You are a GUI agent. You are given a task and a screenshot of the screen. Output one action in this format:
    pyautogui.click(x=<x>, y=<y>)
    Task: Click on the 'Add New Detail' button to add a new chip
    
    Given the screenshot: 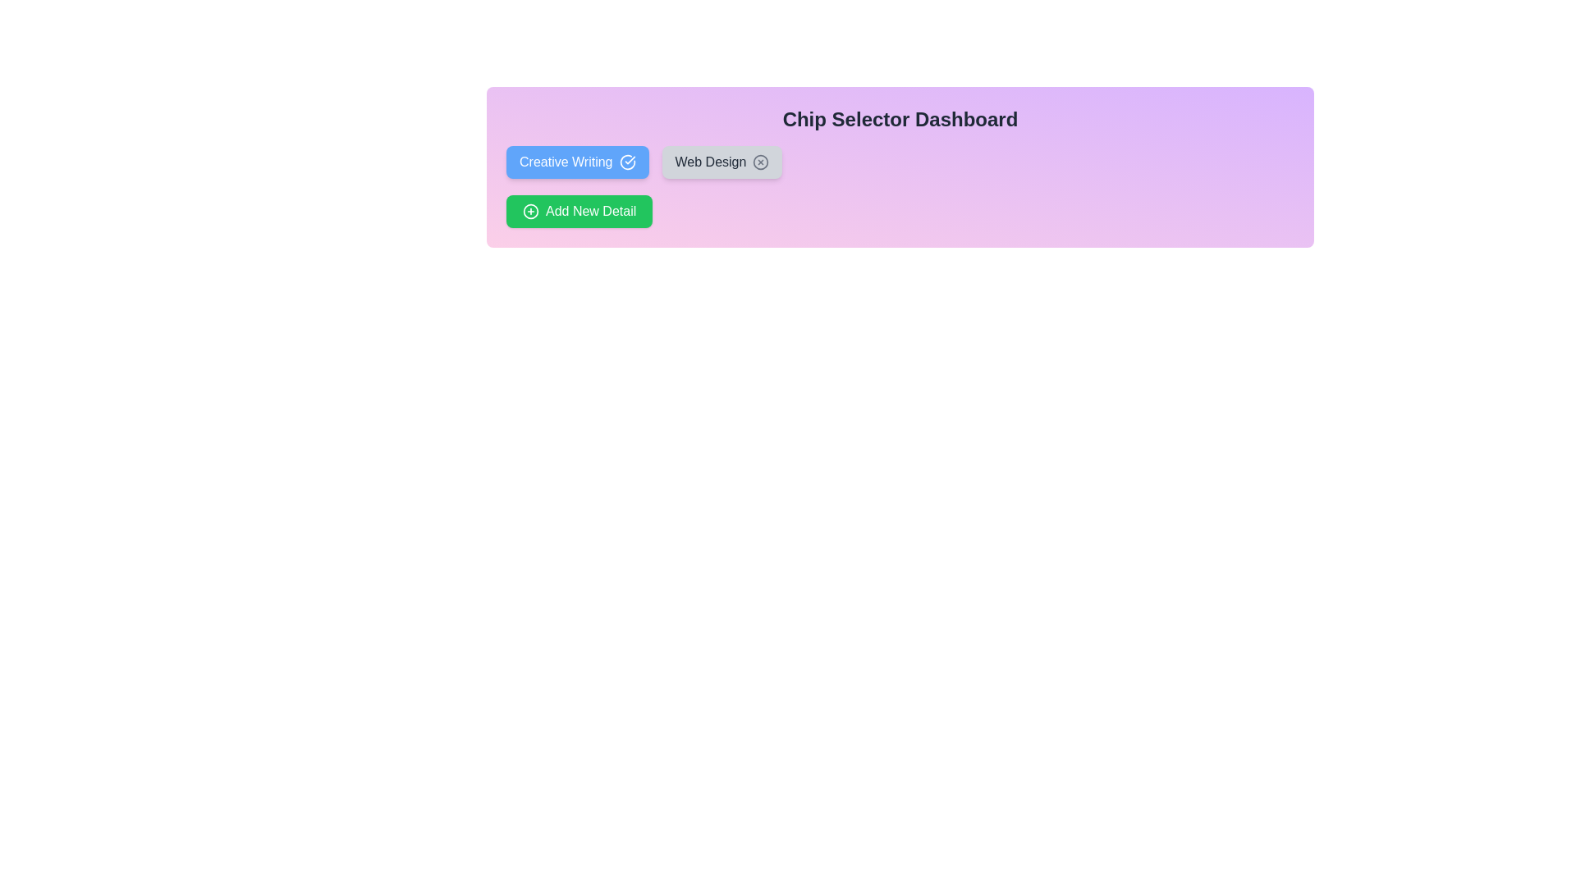 What is the action you would take?
    pyautogui.click(x=579, y=211)
    